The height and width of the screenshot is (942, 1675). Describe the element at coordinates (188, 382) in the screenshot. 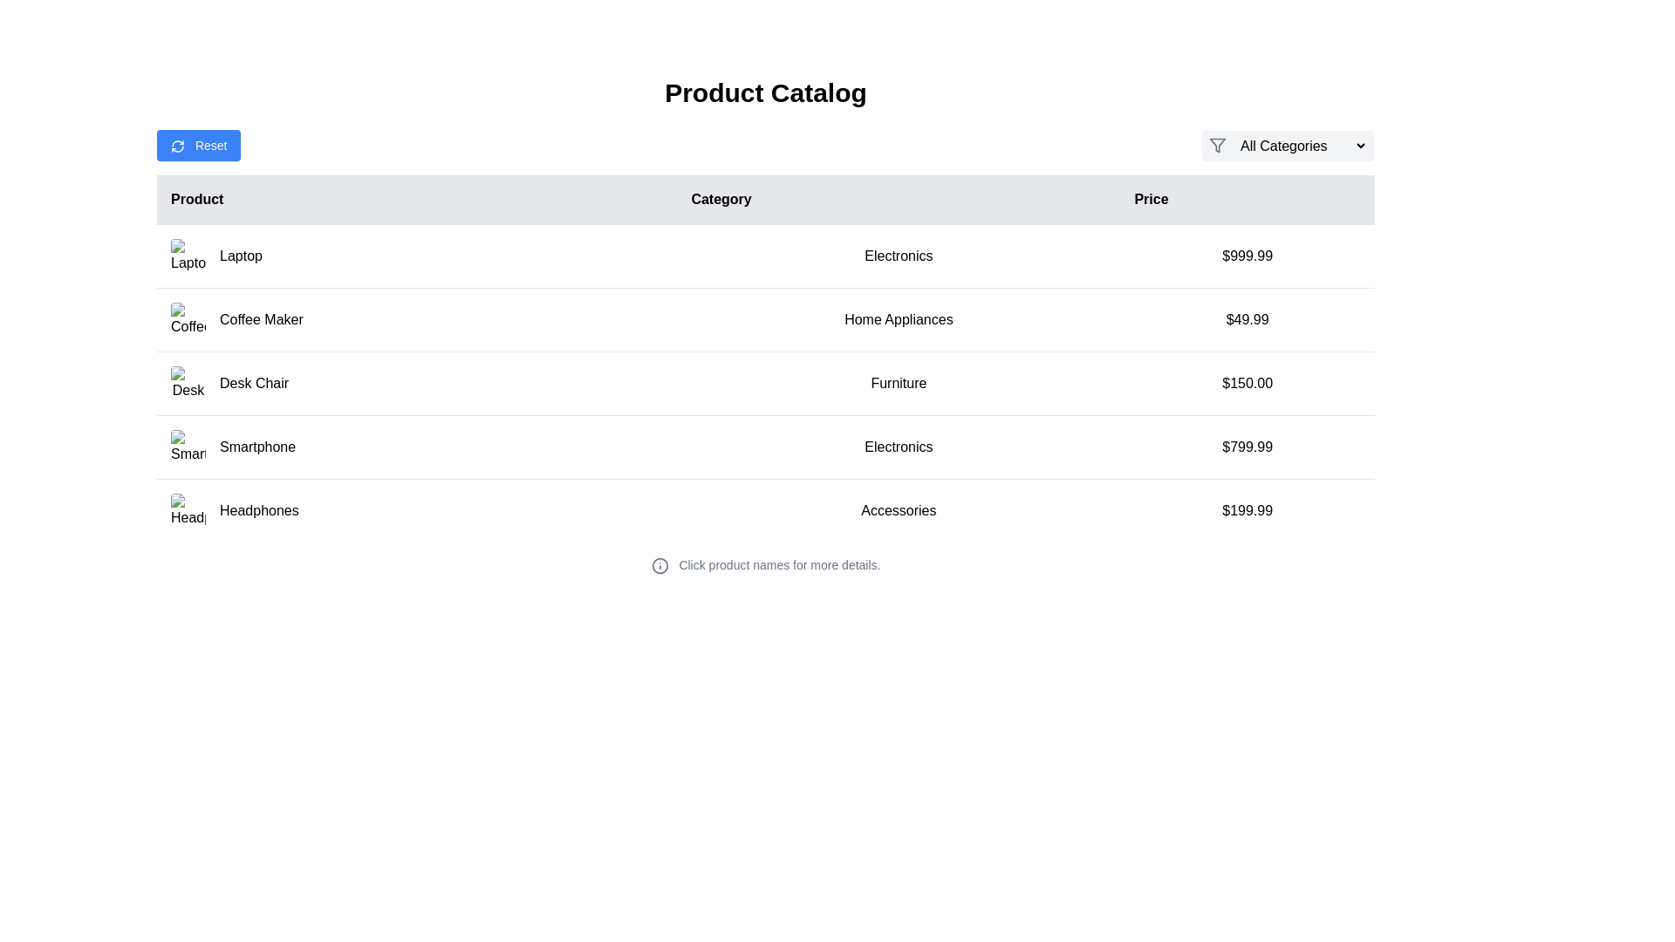

I see `the 'Desk Chair' product image, which is a small rounded image located in the third row of the product catalog, to the left of the text label 'Desk Chair'` at that location.